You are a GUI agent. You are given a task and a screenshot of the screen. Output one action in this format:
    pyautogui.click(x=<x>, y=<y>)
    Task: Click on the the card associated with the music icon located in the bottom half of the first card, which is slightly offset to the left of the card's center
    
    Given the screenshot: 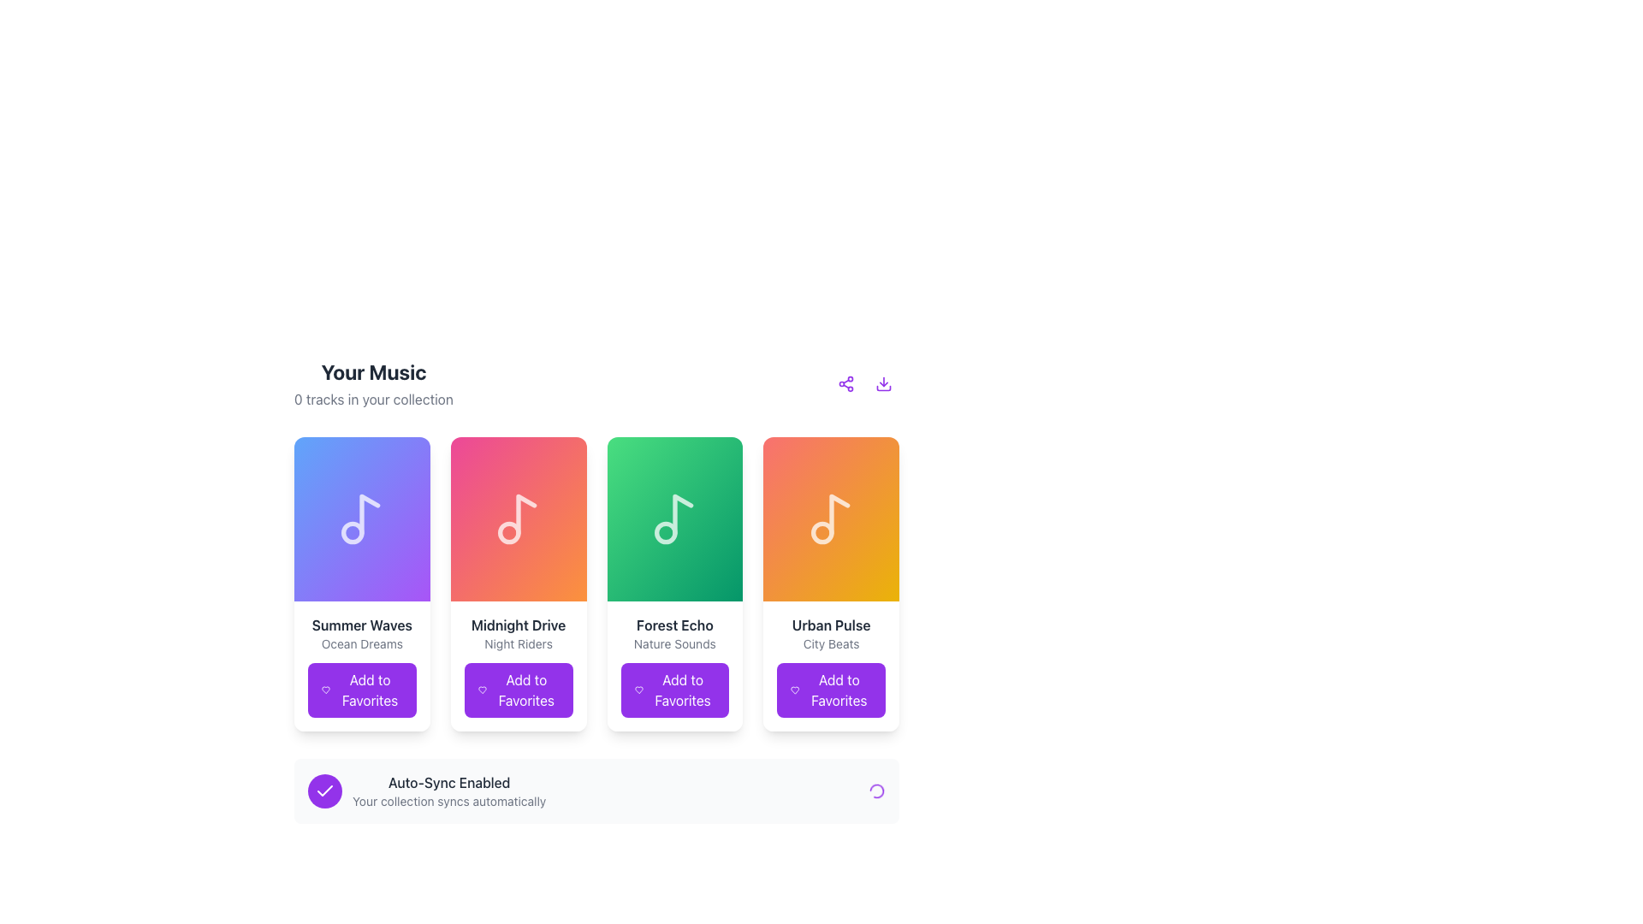 What is the action you would take?
    pyautogui.click(x=369, y=513)
    